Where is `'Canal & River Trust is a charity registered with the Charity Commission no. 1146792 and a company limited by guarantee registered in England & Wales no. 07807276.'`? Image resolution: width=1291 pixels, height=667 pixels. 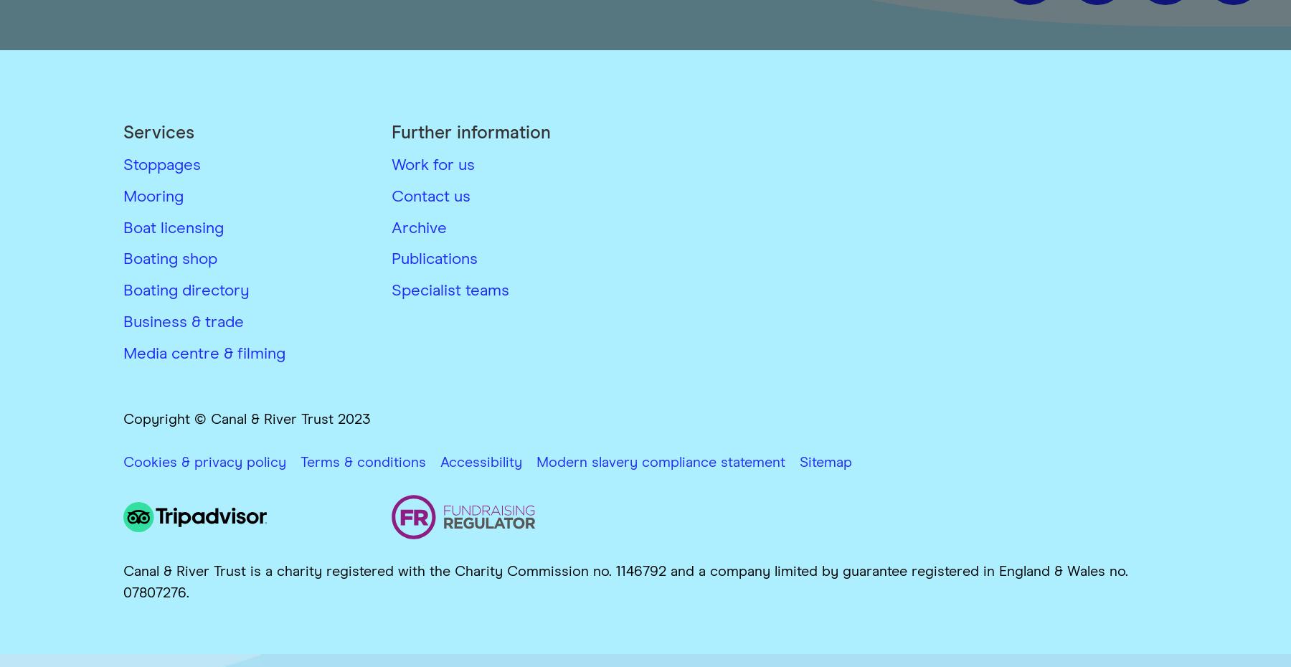 'Canal & River Trust is a charity registered with the Charity Commission no. 1146792 and a company limited by guarantee registered in England & Wales no. 07807276.' is located at coordinates (625, 580).